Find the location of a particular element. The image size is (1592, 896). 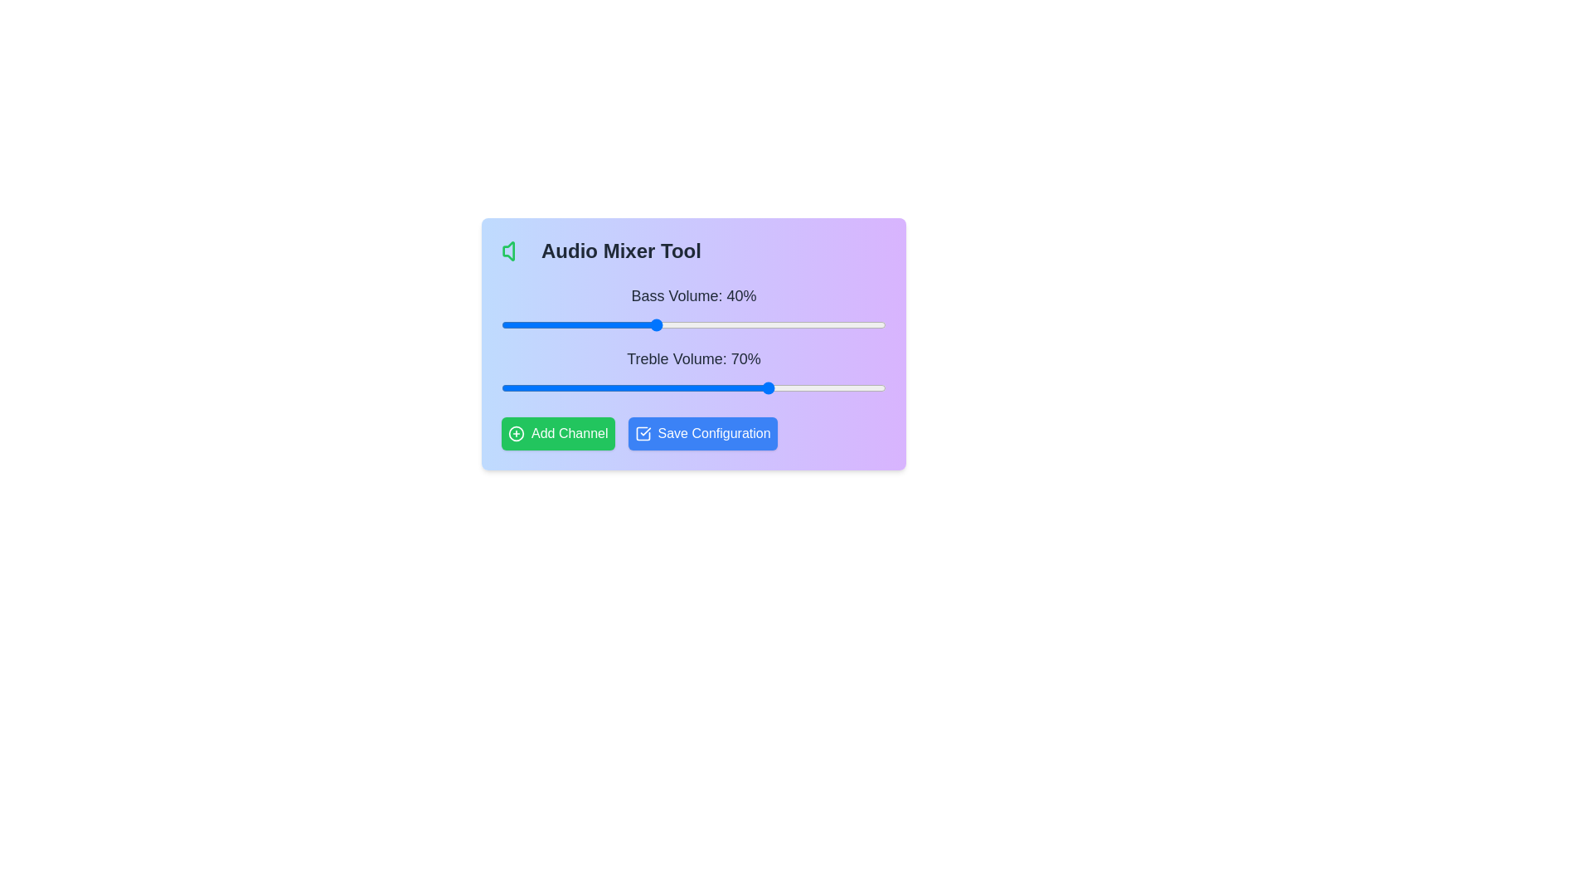

the slider is located at coordinates (716, 325).